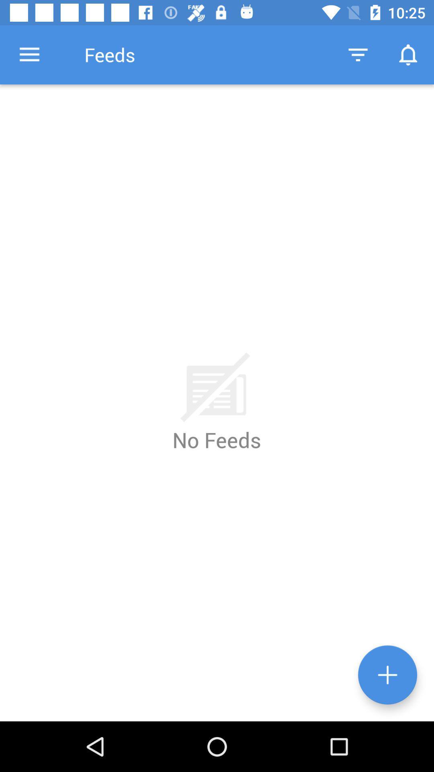  What do you see at coordinates (387, 675) in the screenshot?
I see `the more options button` at bounding box center [387, 675].